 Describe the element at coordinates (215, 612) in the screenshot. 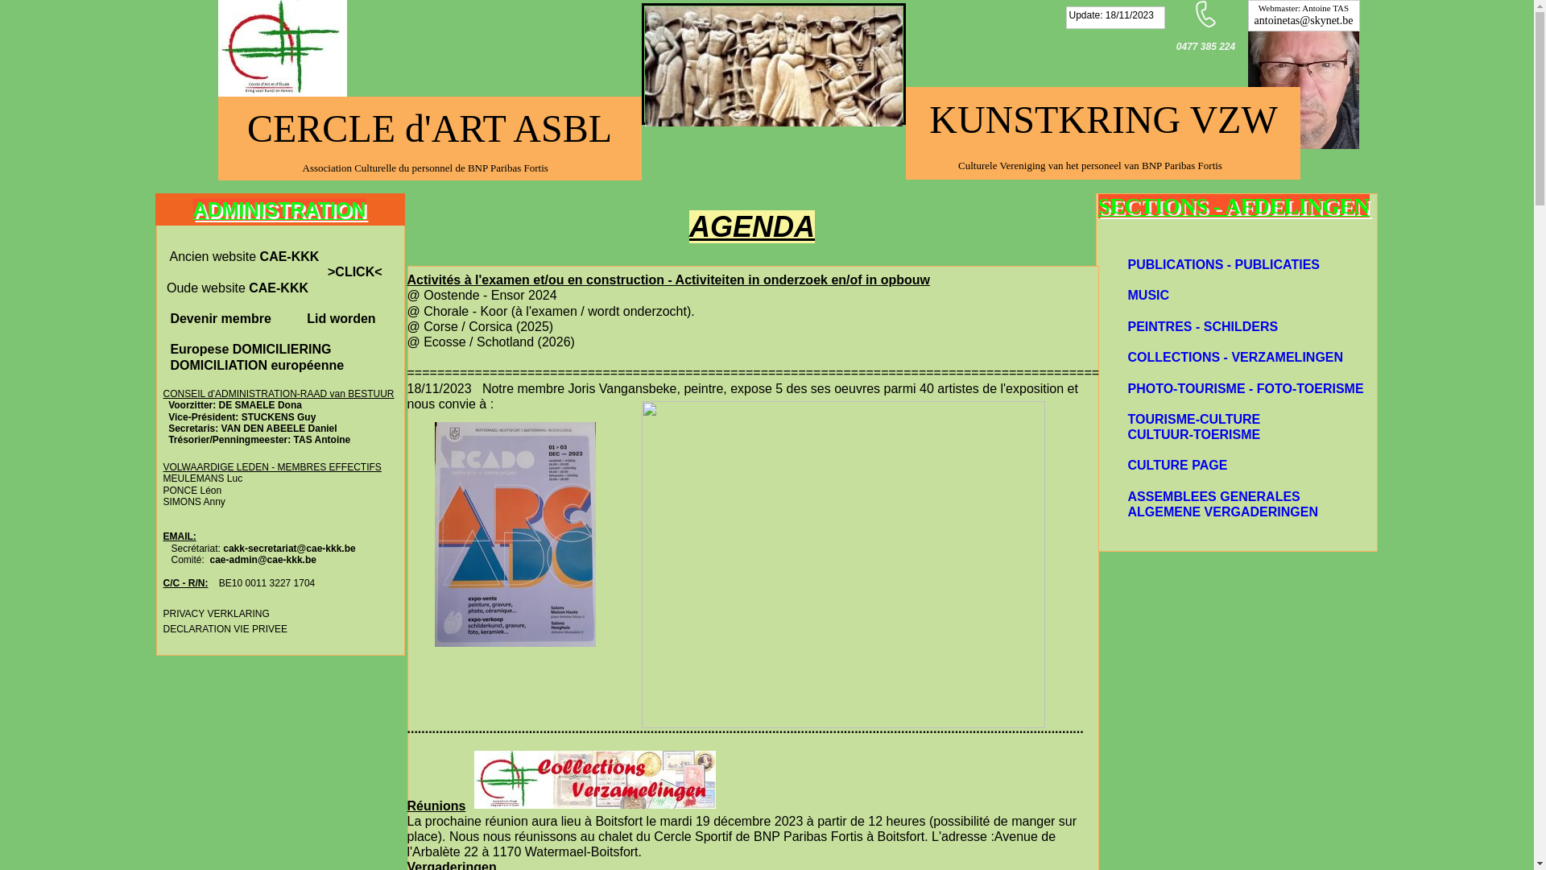

I see `'PRIVACY VERKLARING'` at that location.